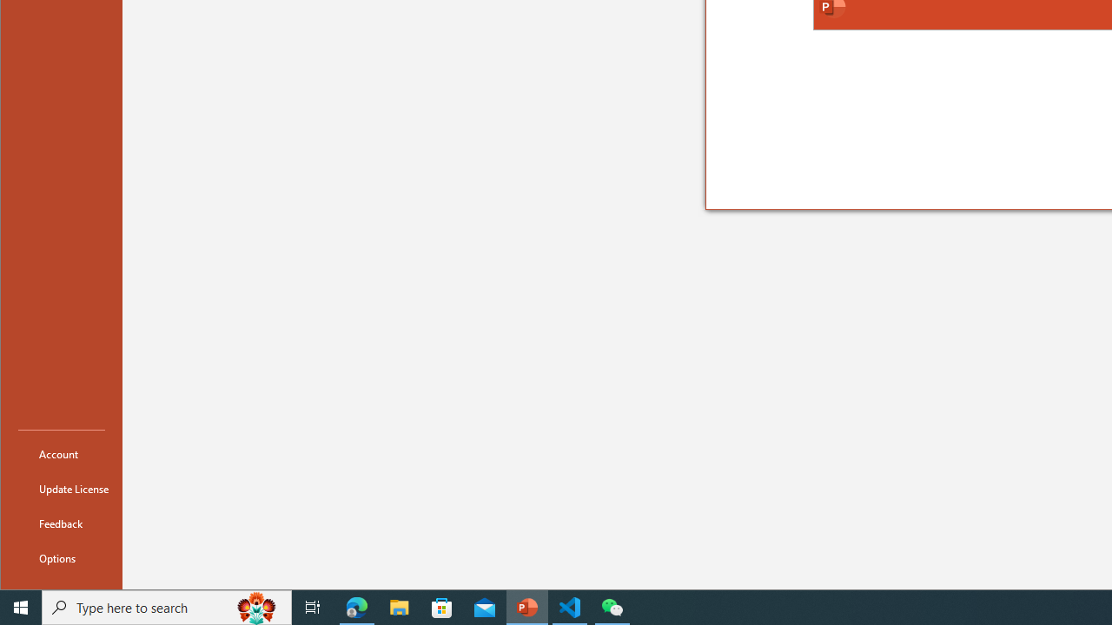 This screenshot has height=625, width=1112. I want to click on 'PowerPoint - 1 running window', so click(526, 606).